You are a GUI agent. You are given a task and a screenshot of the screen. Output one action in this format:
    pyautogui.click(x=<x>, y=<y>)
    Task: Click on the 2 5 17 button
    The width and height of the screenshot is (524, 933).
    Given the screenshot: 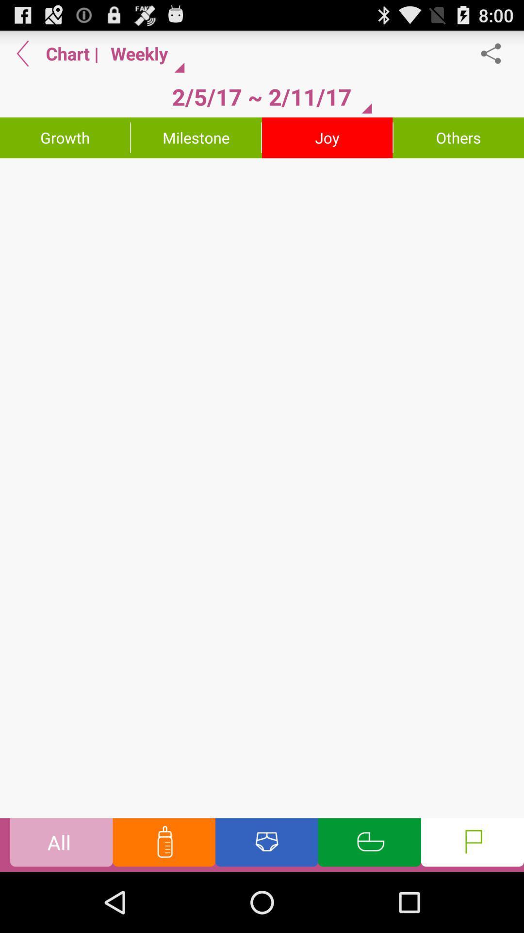 What is the action you would take?
    pyautogui.click(x=261, y=97)
    